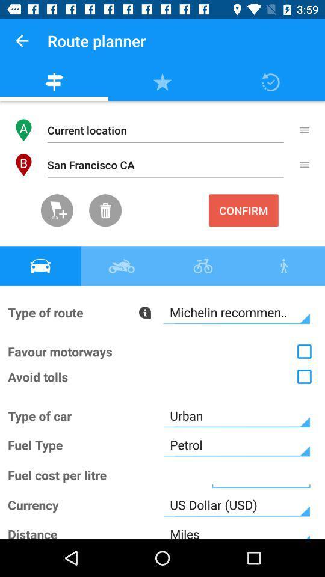  I want to click on the delete icon, so click(105, 210).